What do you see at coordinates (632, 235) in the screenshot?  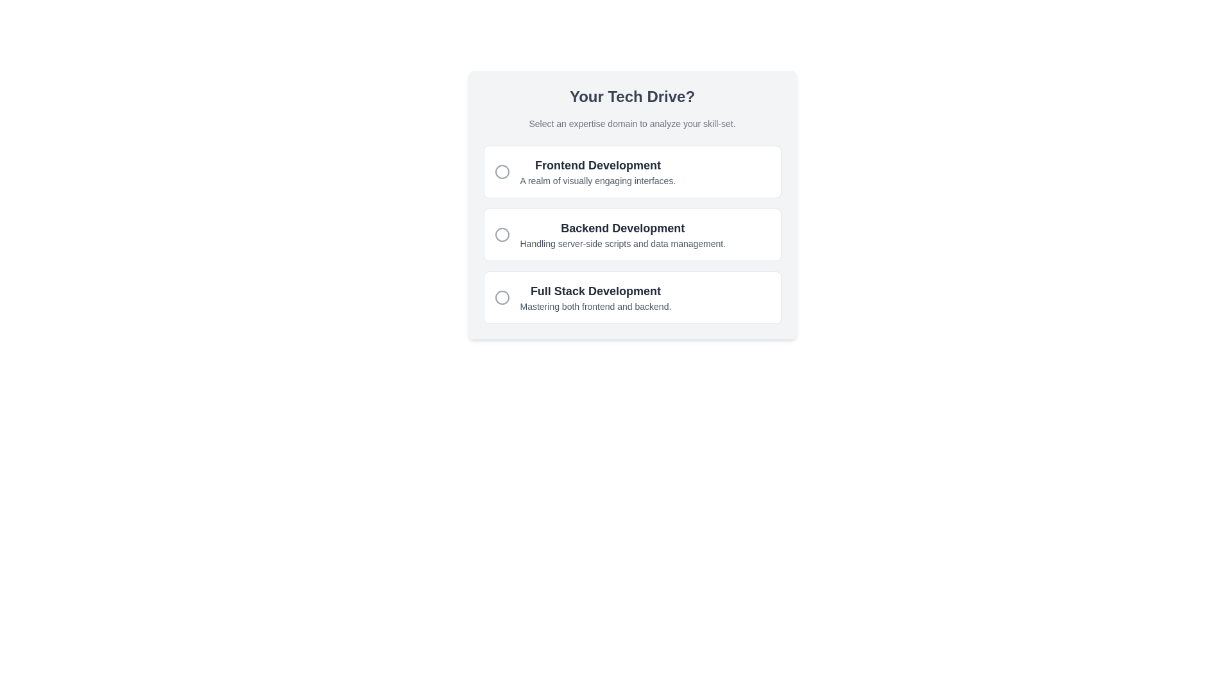 I see `the interactive card-like button for 'Backend Development'` at bounding box center [632, 235].